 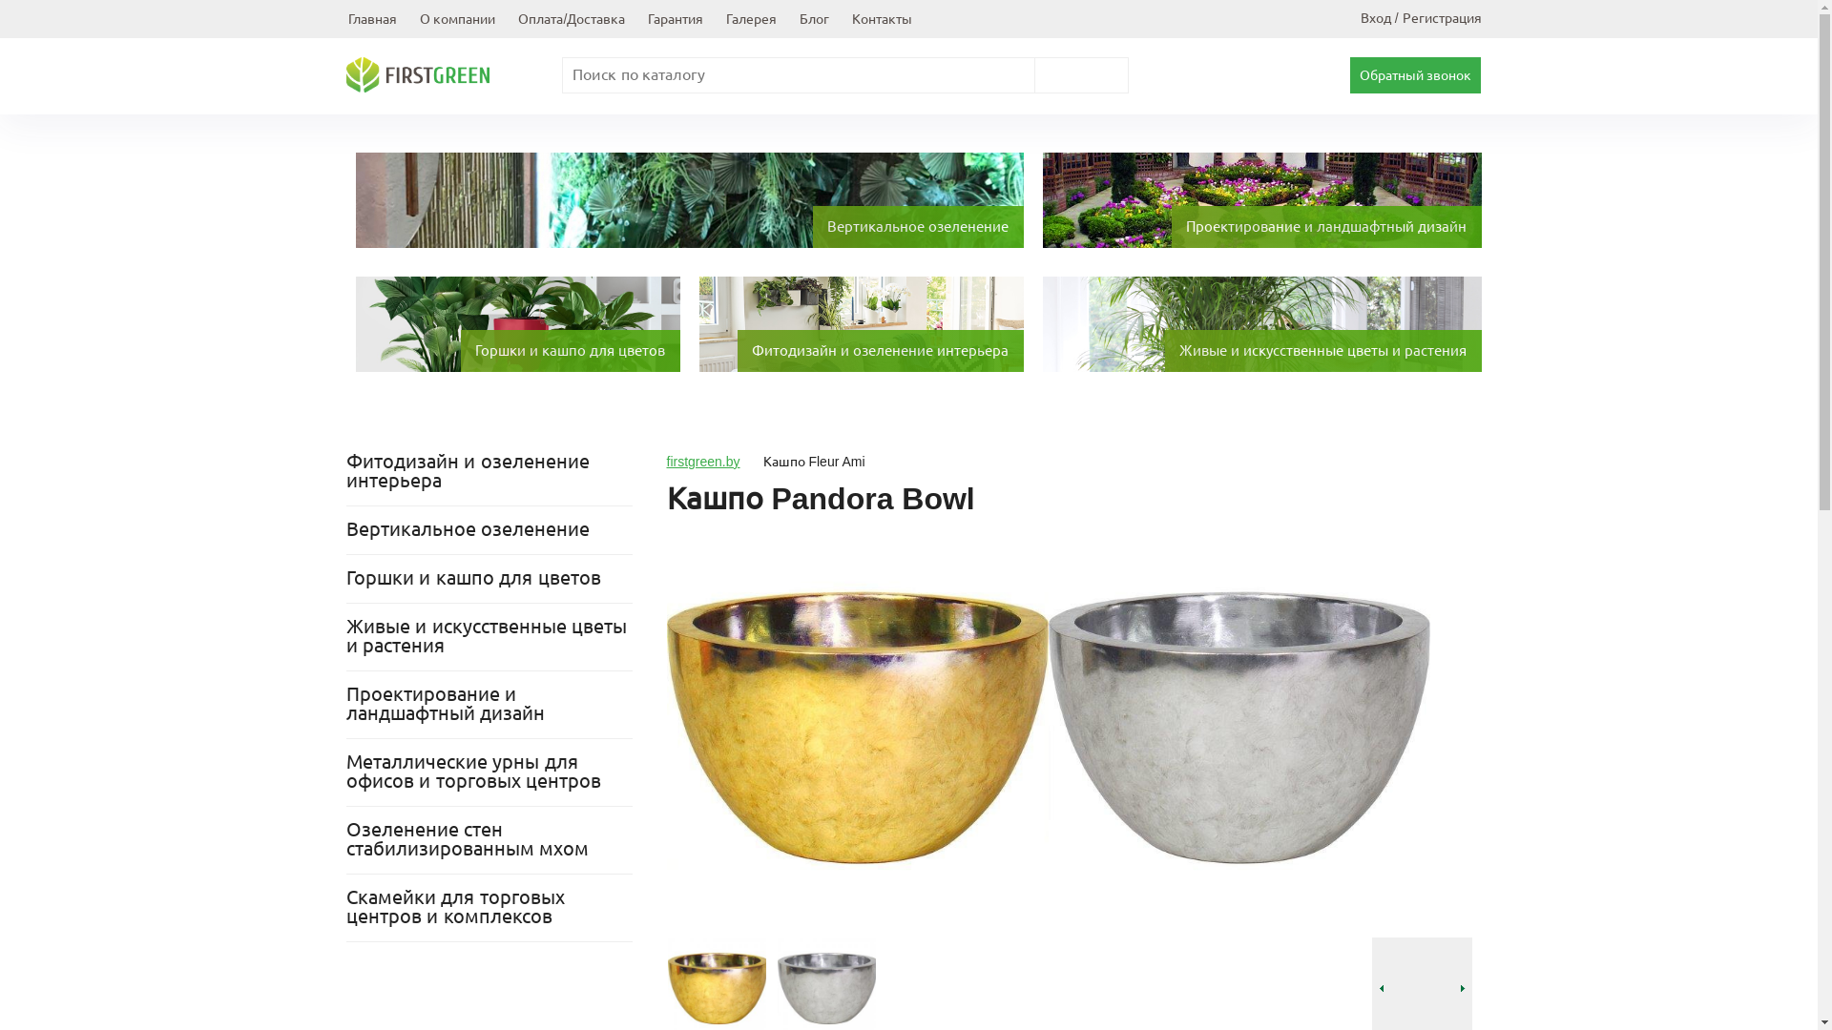 I want to click on 'firstgreen.by', so click(x=701, y=461).